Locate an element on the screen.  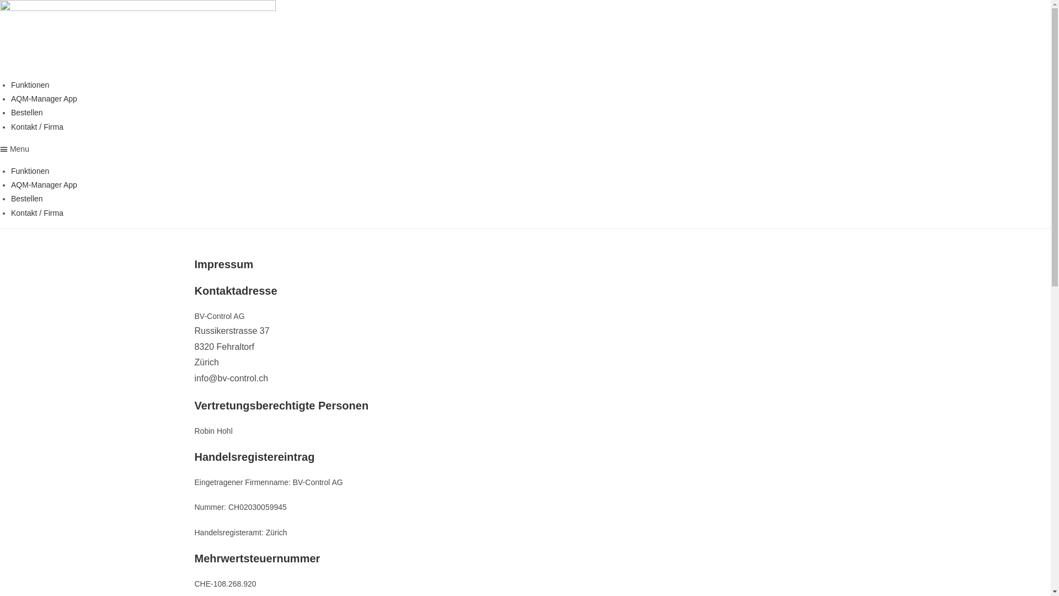
'Funktionen' is located at coordinates (10, 84).